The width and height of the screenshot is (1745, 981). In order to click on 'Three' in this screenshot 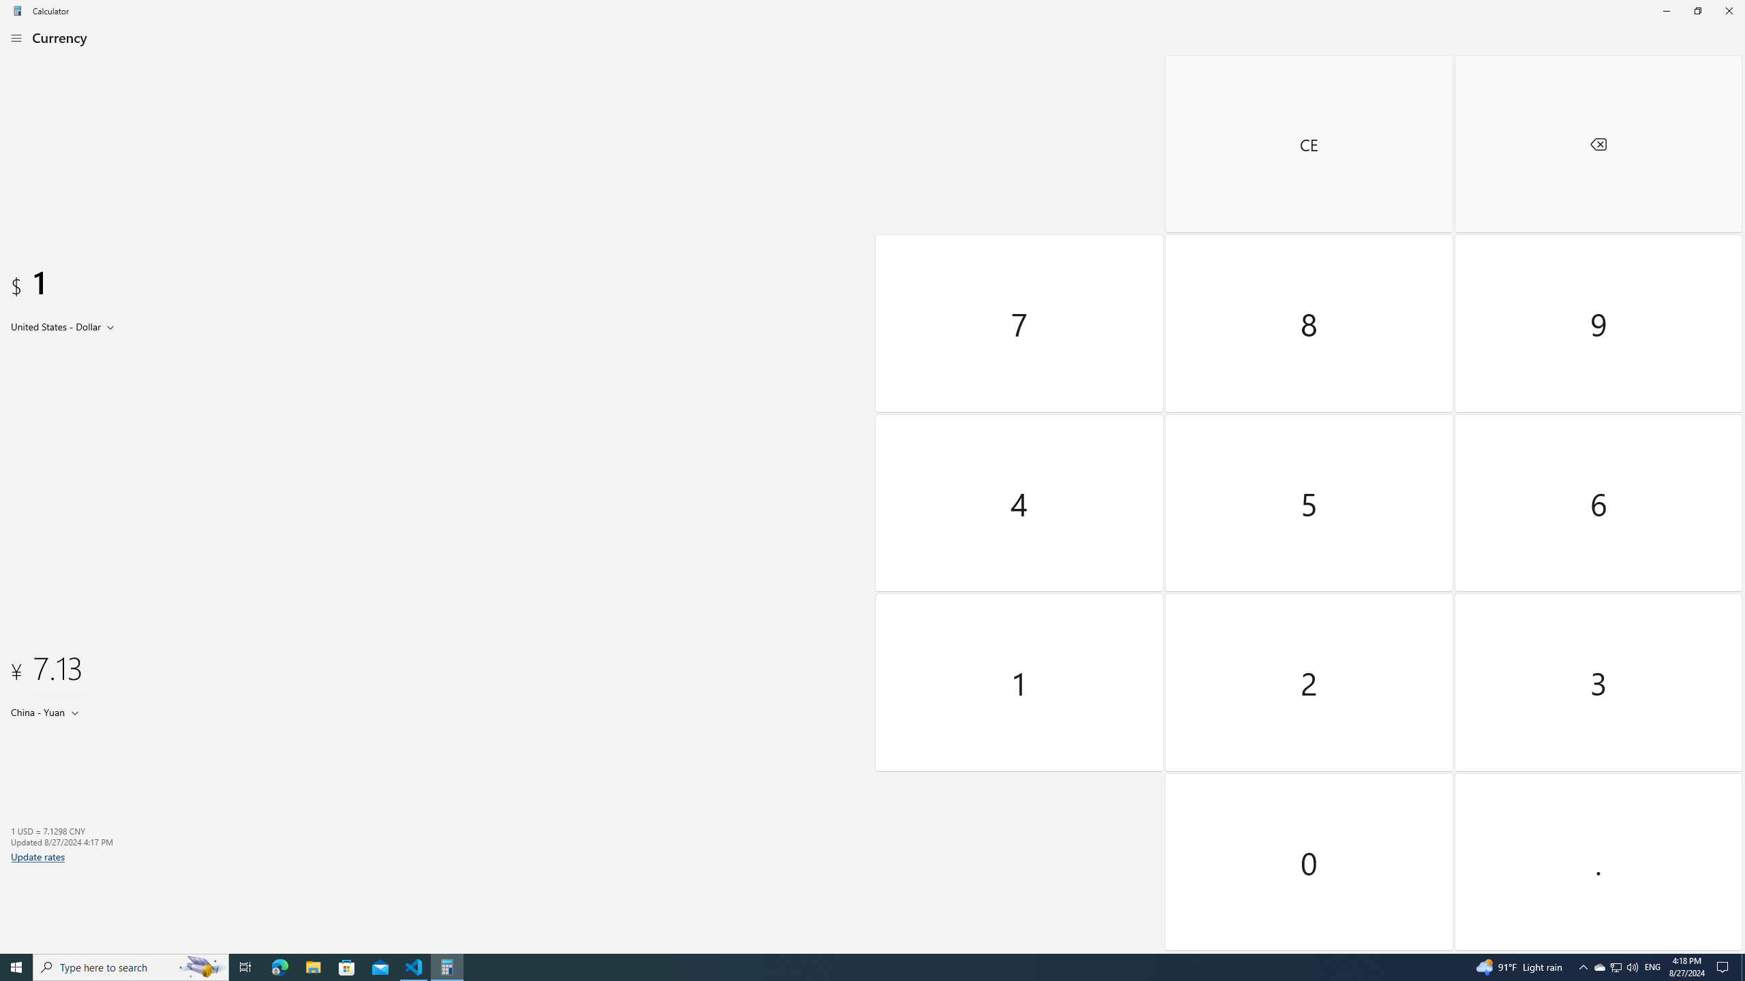, I will do `click(1597, 683)`.